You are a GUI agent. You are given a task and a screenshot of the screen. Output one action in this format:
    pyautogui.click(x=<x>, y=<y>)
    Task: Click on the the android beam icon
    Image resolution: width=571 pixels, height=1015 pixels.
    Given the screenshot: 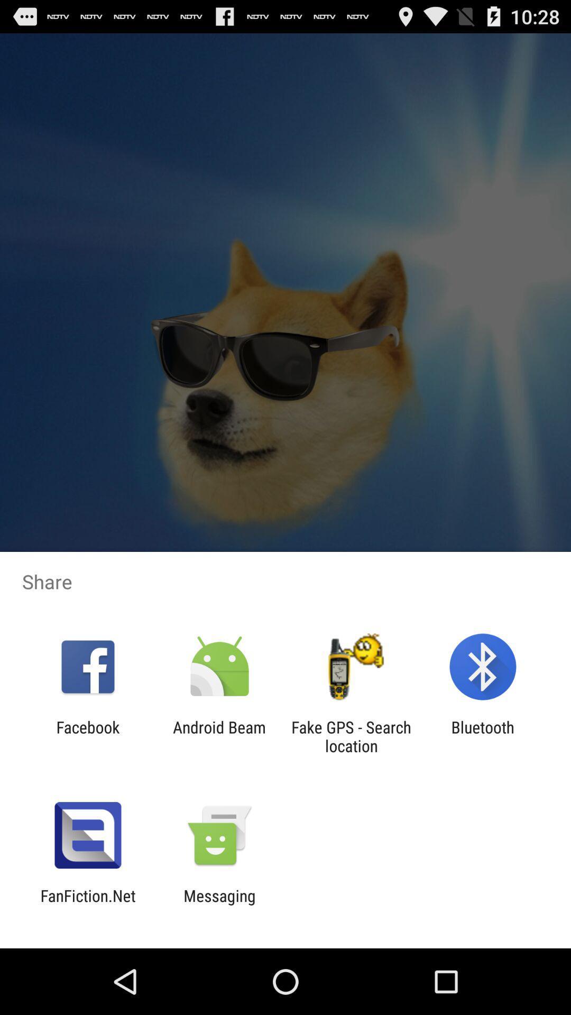 What is the action you would take?
    pyautogui.click(x=219, y=736)
    